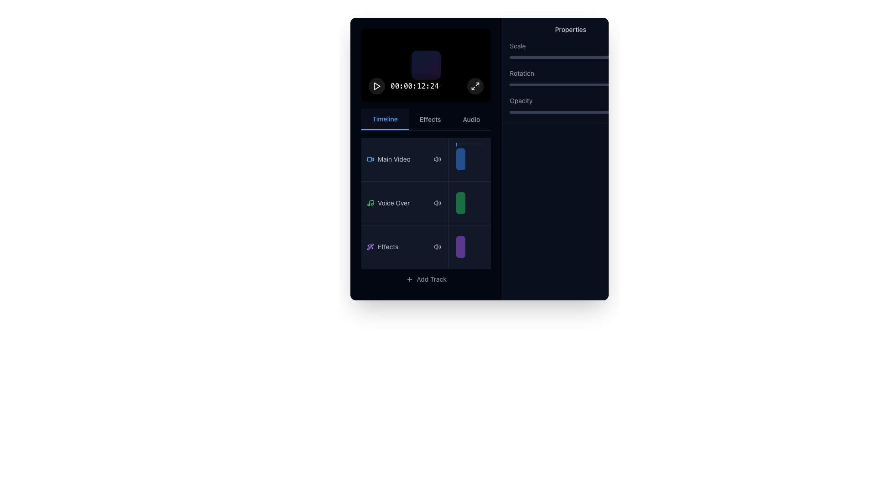 The height and width of the screenshot is (493, 876). What do you see at coordinates (470, 203) in the screenshot?
I see `the handle located within the 'Voice Over' track` at bounding box center [470, 203].